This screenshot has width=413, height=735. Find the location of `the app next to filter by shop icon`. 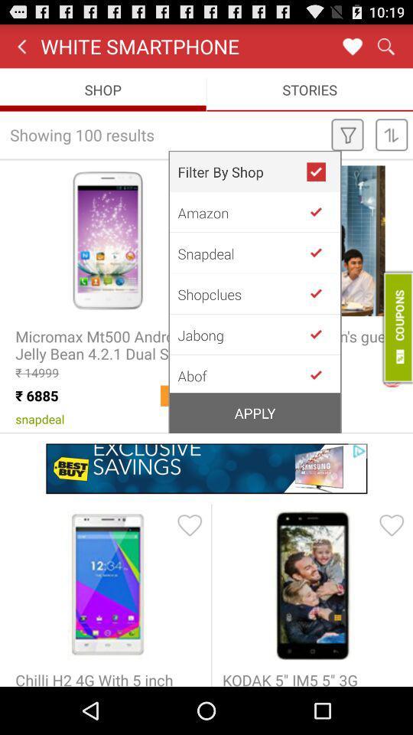

the app next to filter by shop icon is located at coordinates (322, 171).